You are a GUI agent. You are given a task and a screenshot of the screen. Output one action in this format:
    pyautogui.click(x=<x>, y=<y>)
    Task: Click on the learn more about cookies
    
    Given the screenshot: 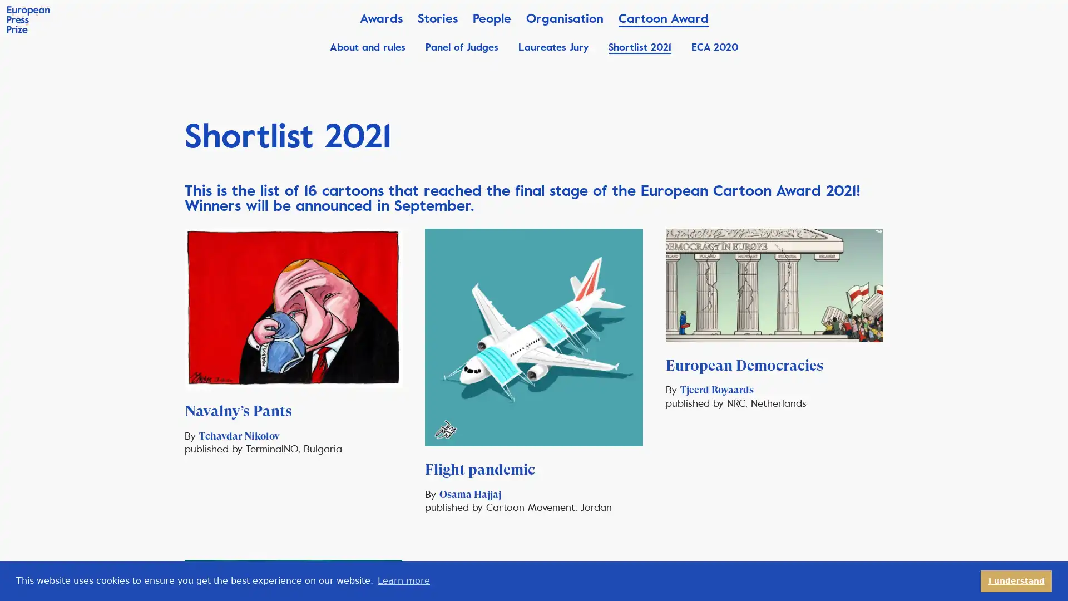 What is the action you would take?
    pyautogui.click(x=403, y=580)
    